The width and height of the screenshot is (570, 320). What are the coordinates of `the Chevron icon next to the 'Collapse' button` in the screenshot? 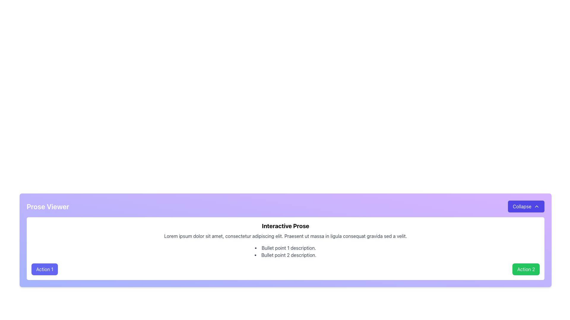 It's located at (537, 206).